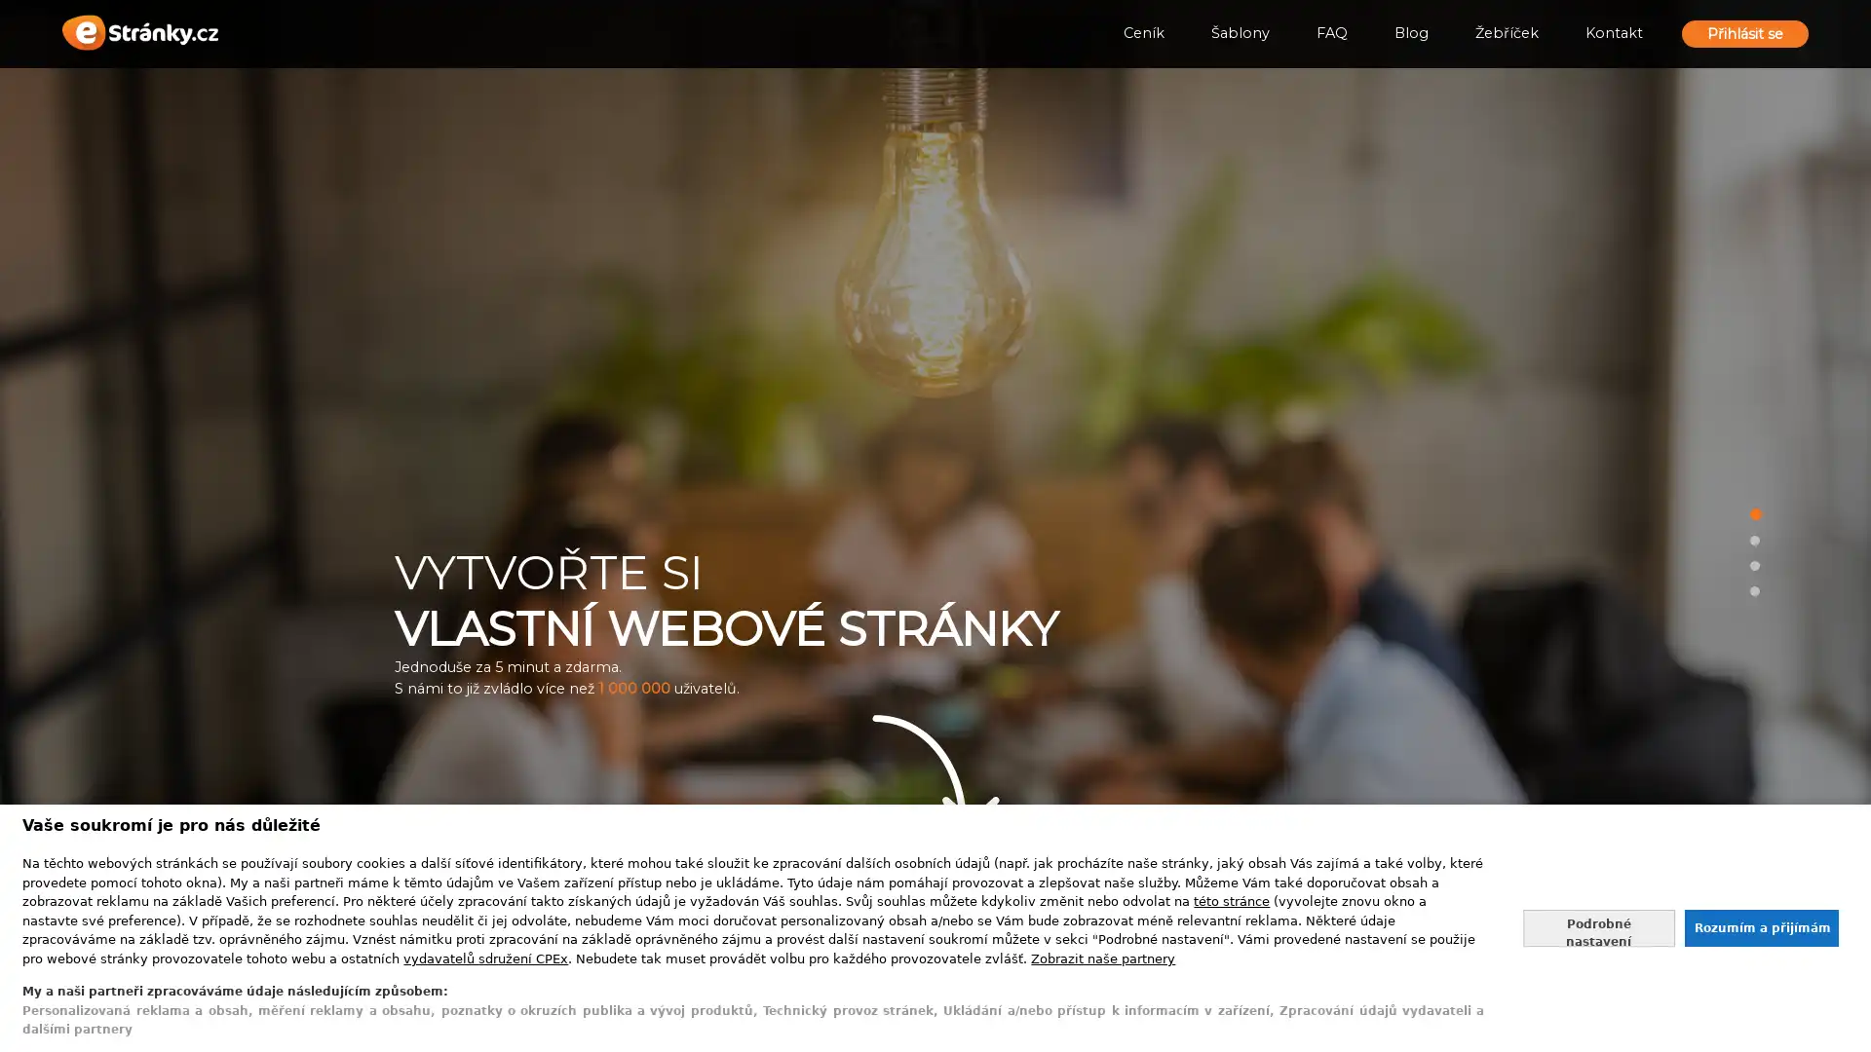  What do you see at coordinates (1744, 33) in the screenshot?
I see `Prihlasit se` at bounding box center [1744, 33].